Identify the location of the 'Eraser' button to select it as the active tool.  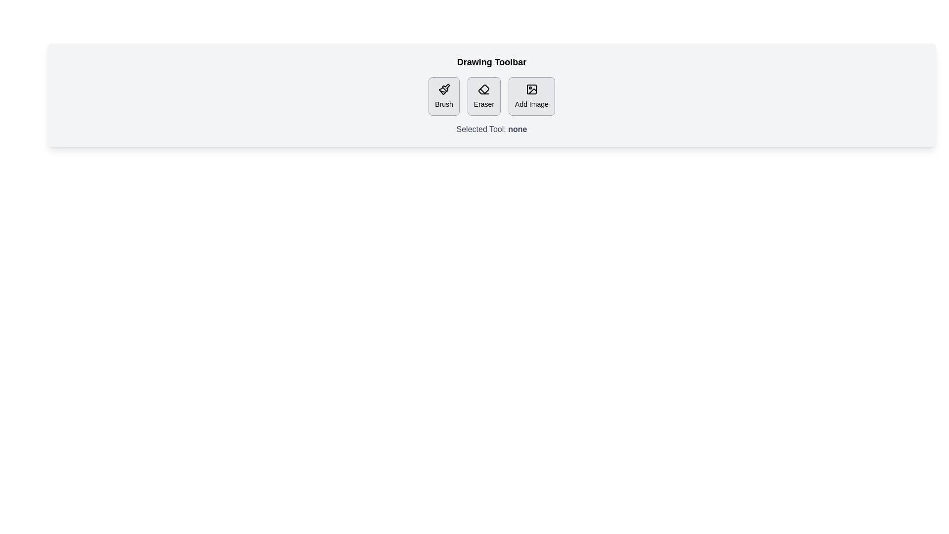
(484, 96).